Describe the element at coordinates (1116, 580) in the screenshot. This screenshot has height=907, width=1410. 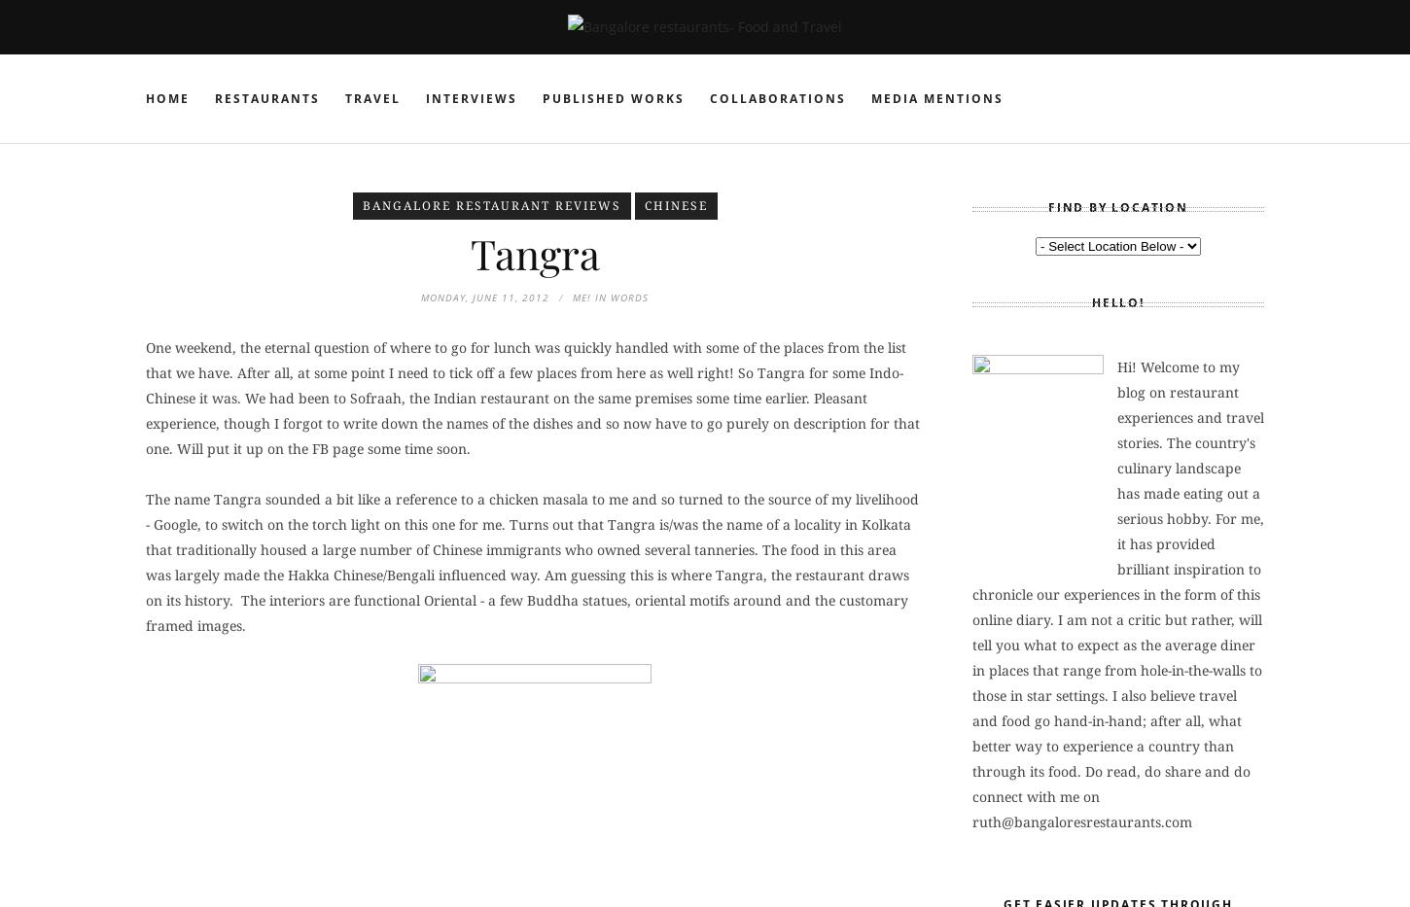
I see `'Hi! Welcome to my blog on restaurant experiences and travel stories. The country's culinary landscape has made eating out a serious hobby. For me, it has provided brilliant inspiration to chronicle our experiences in the form of this online diary. I am not a critic but rather, will tell you what to expect as the average diner in places that range from hole-in-the-walls to those in star settings. I also believe travel and food go hand-in-hand; after all, what better way to experience a country than through its food. Do read, do share and do connect with me on'` at that location.